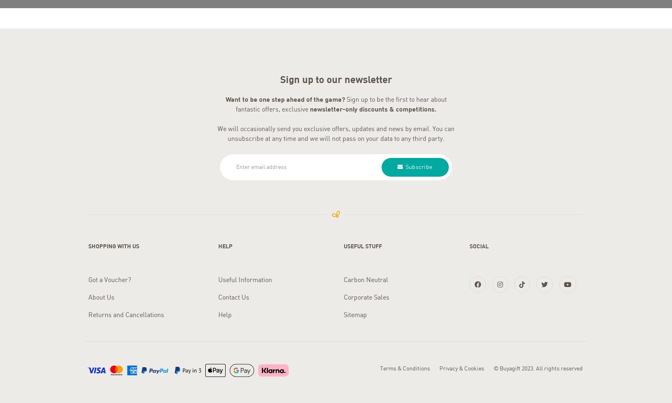  What do you see at coordinates (101, 295) in the screenshot?
I see `'About Us'` at bounding box center [101, 295].